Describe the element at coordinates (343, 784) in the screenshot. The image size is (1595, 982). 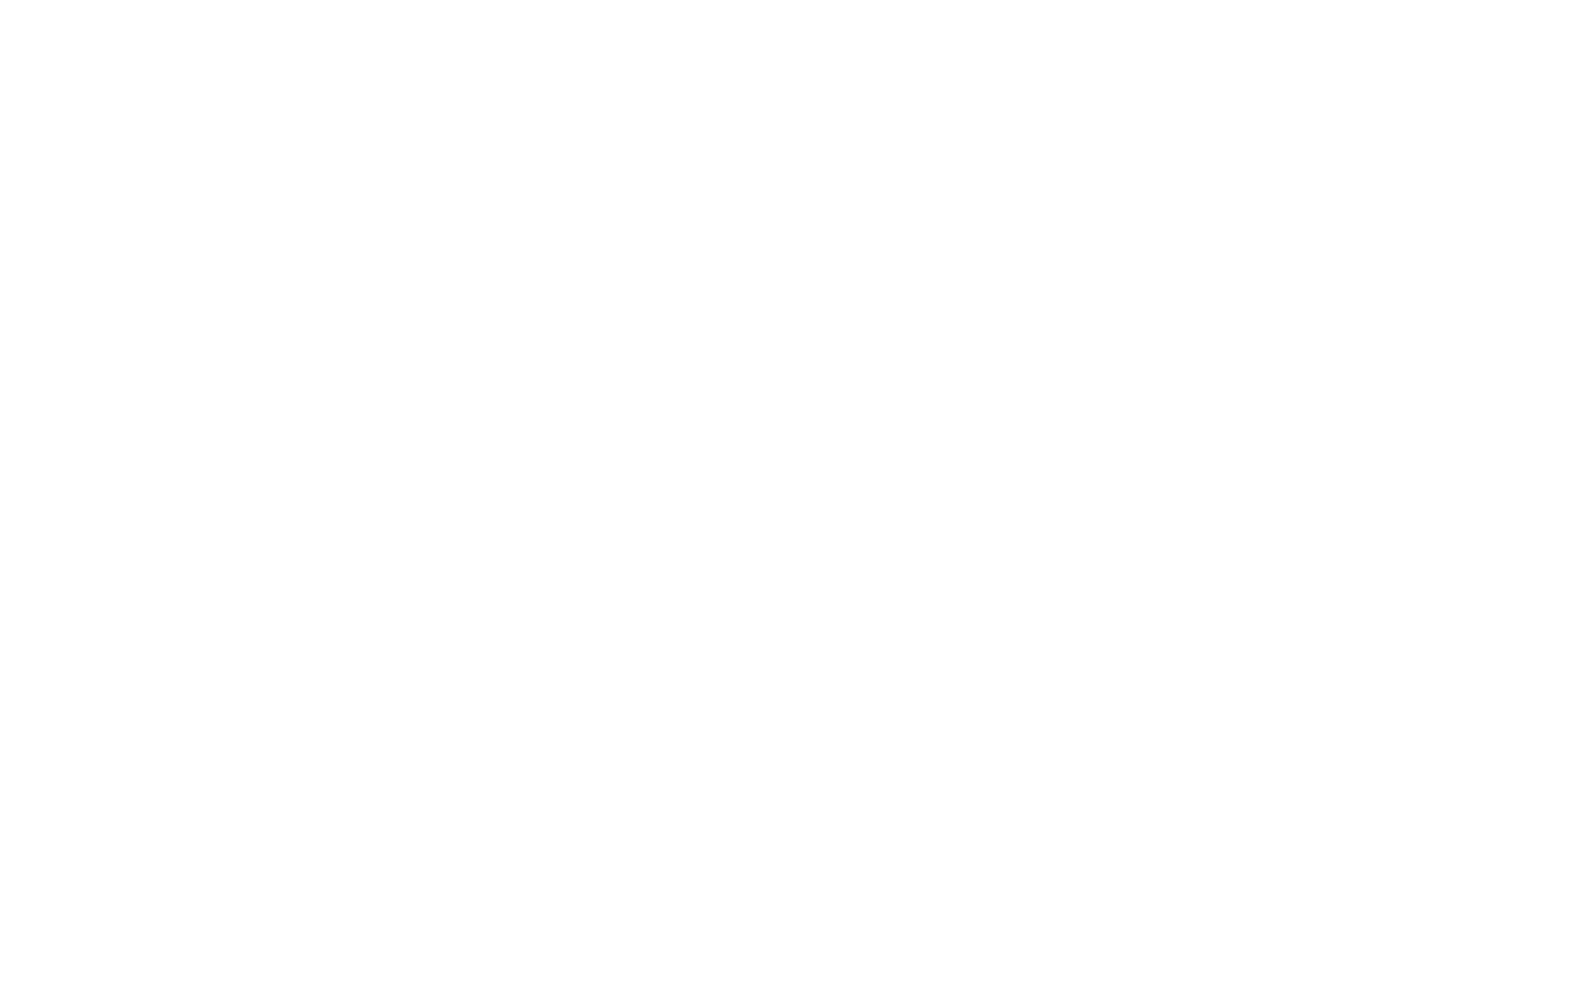
I see `'A Part of Hearst Digital Media'` at that location.